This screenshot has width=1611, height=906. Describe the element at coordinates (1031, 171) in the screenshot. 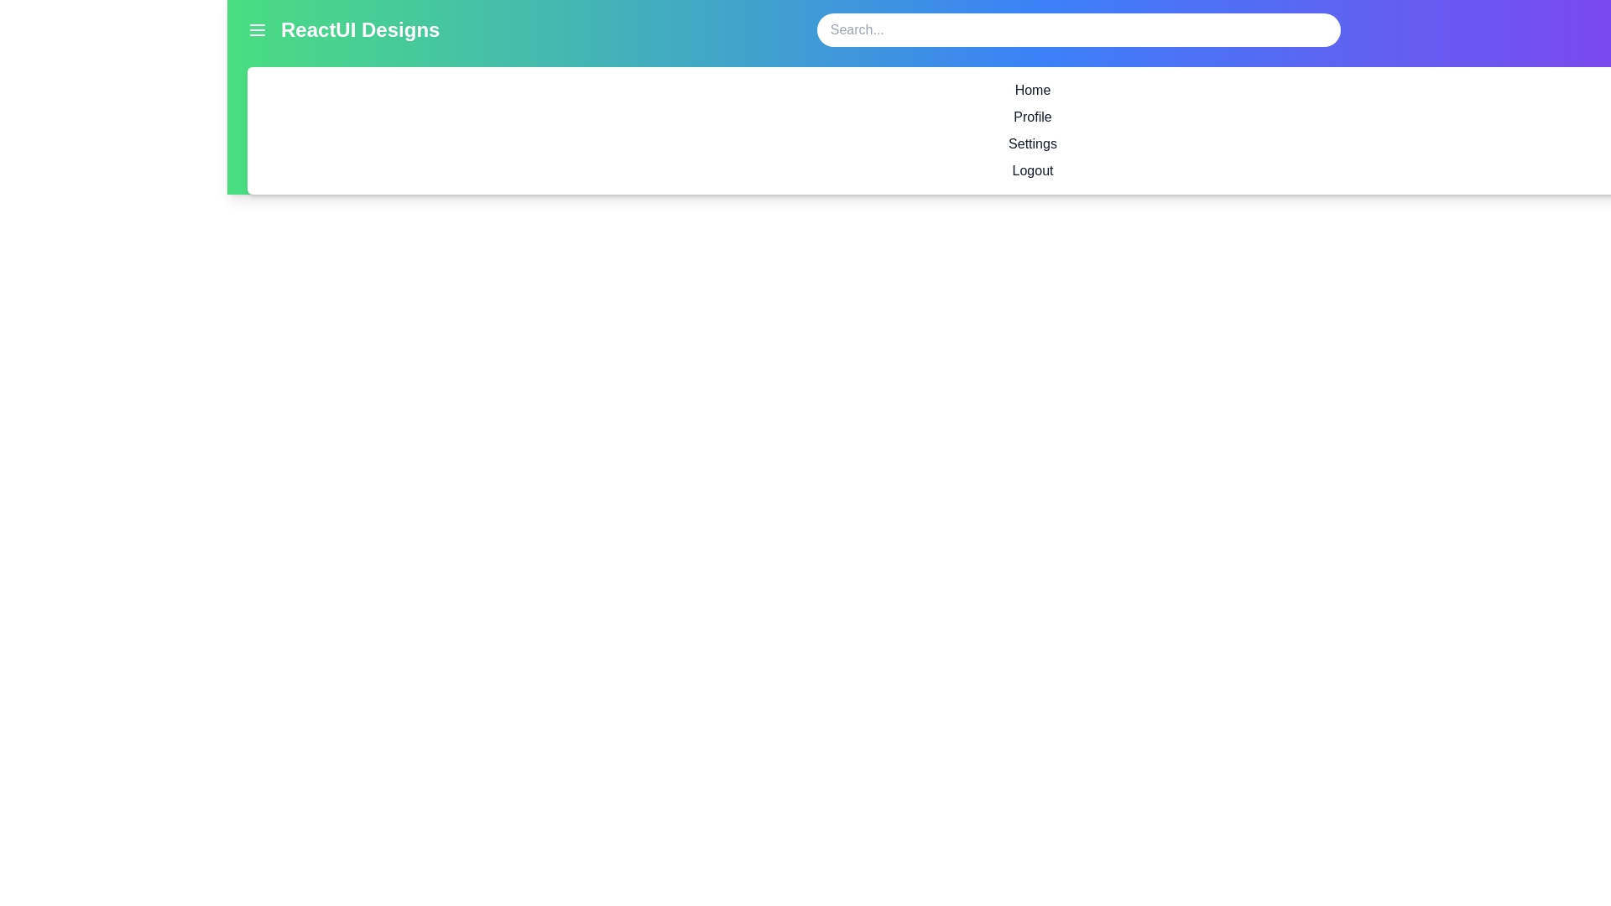

I see `the menu item Logout from the dropdown` at that location.